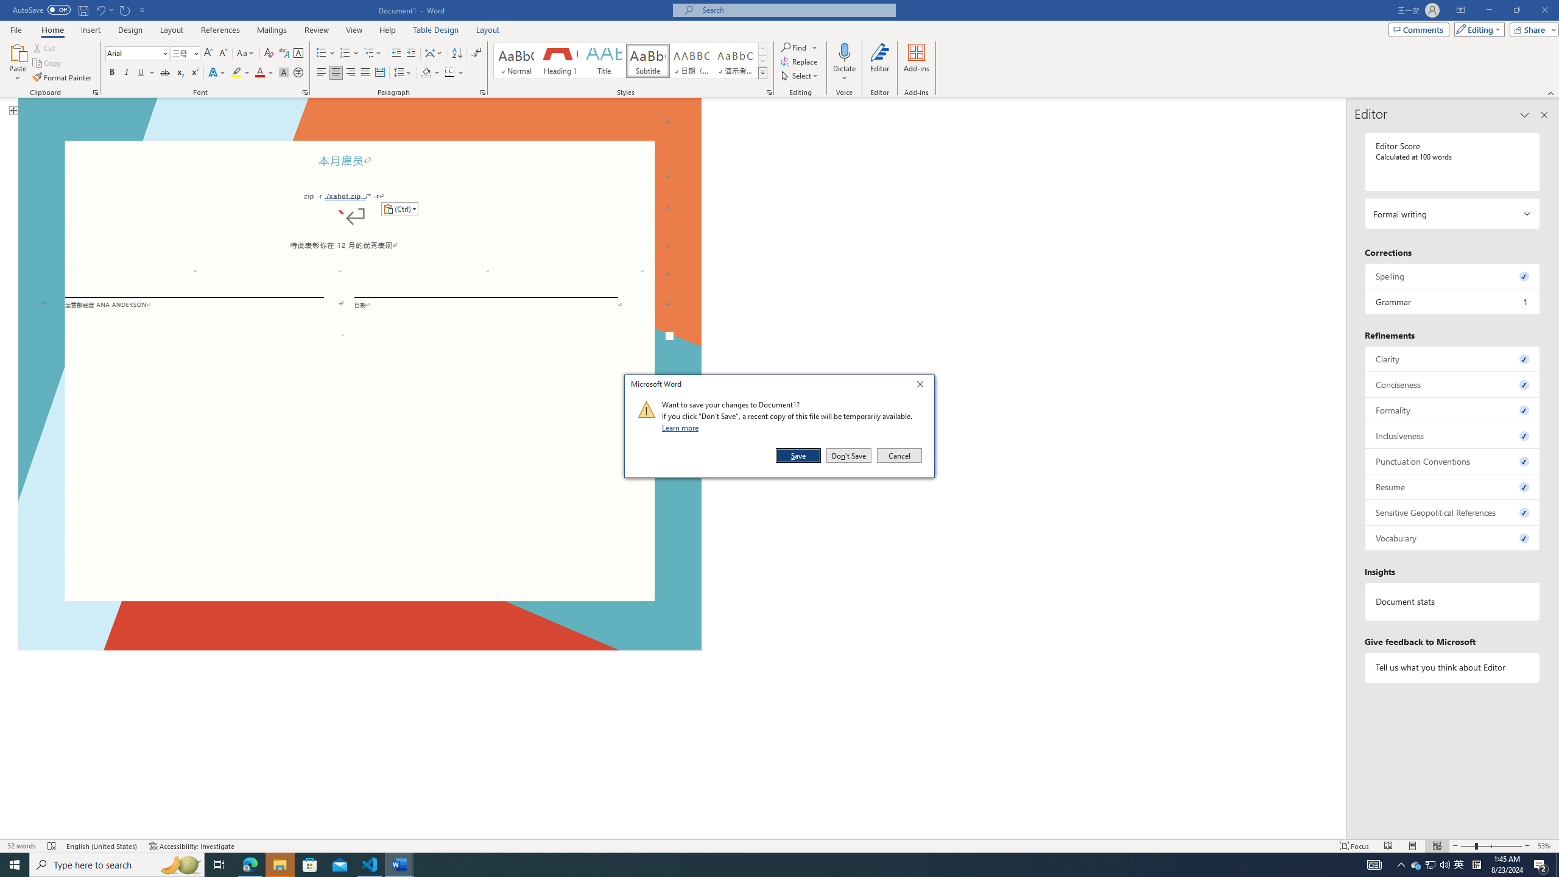  Describe the element at coordinates (116, 864) in the screenshot. I see `'Type here to search'` at that location.